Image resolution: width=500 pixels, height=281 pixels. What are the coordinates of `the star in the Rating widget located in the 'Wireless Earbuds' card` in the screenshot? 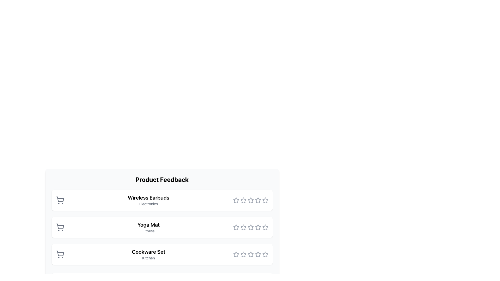 It's located at (251, 200).